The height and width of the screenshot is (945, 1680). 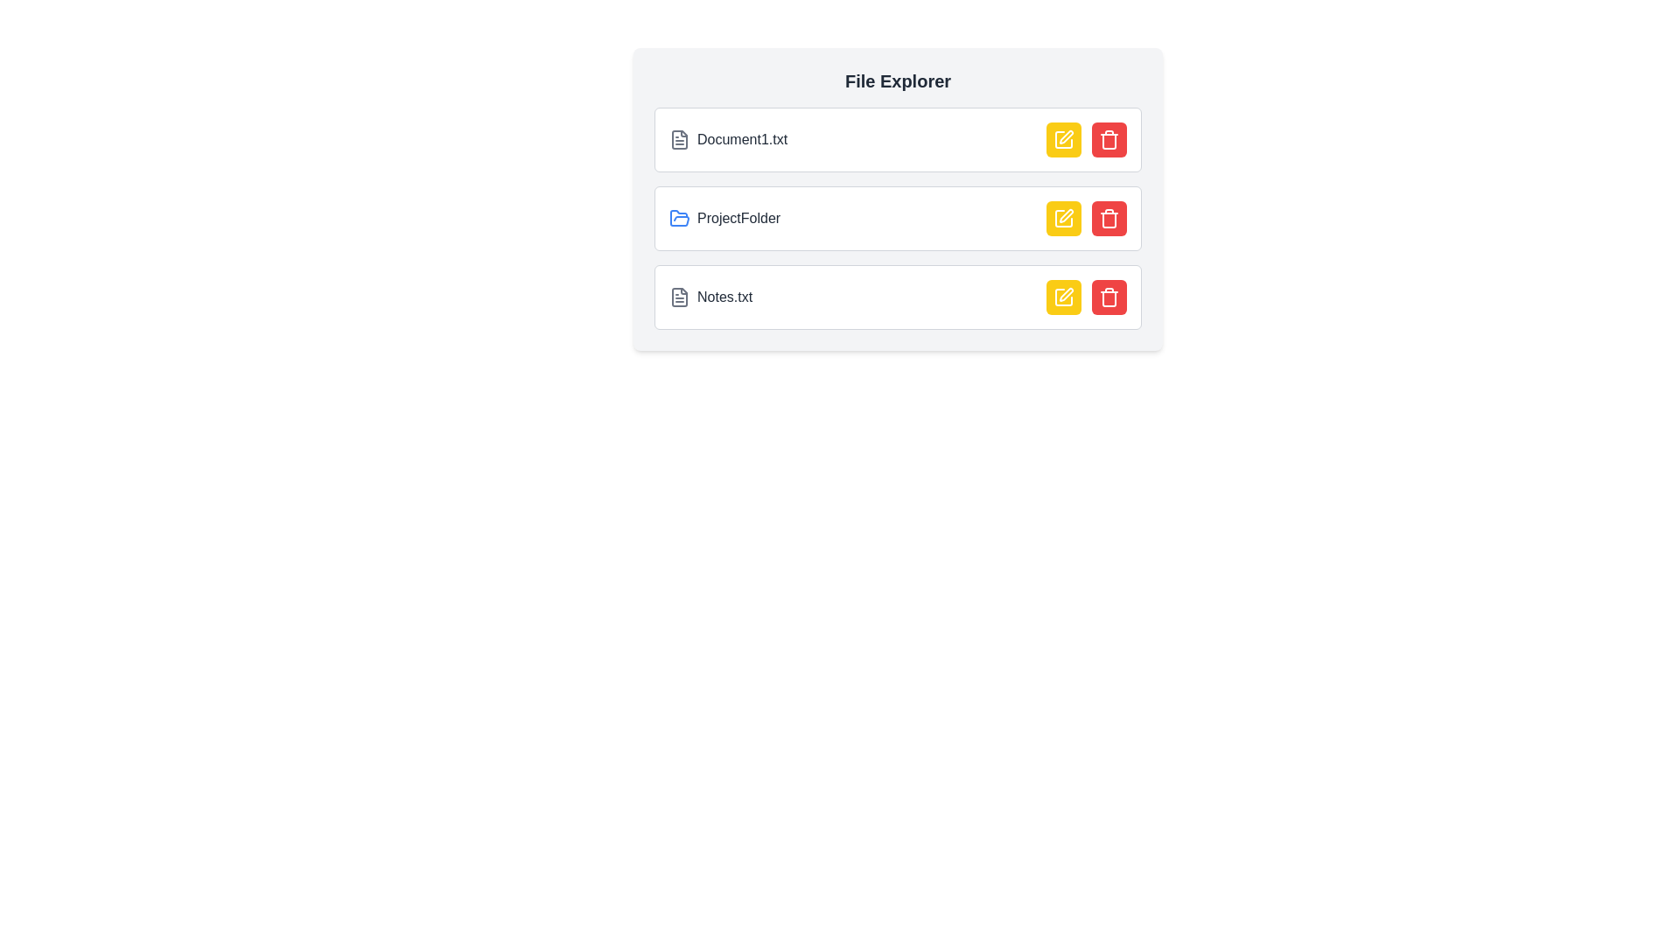 What do you see at coordinates (710, 296) in the screenshot?
I see `file name 'Notes.txt' from the list entry in the file explorer, which is identified by its icon and text at the third position in the vertically stacked list` at bounding box center [710, 296].